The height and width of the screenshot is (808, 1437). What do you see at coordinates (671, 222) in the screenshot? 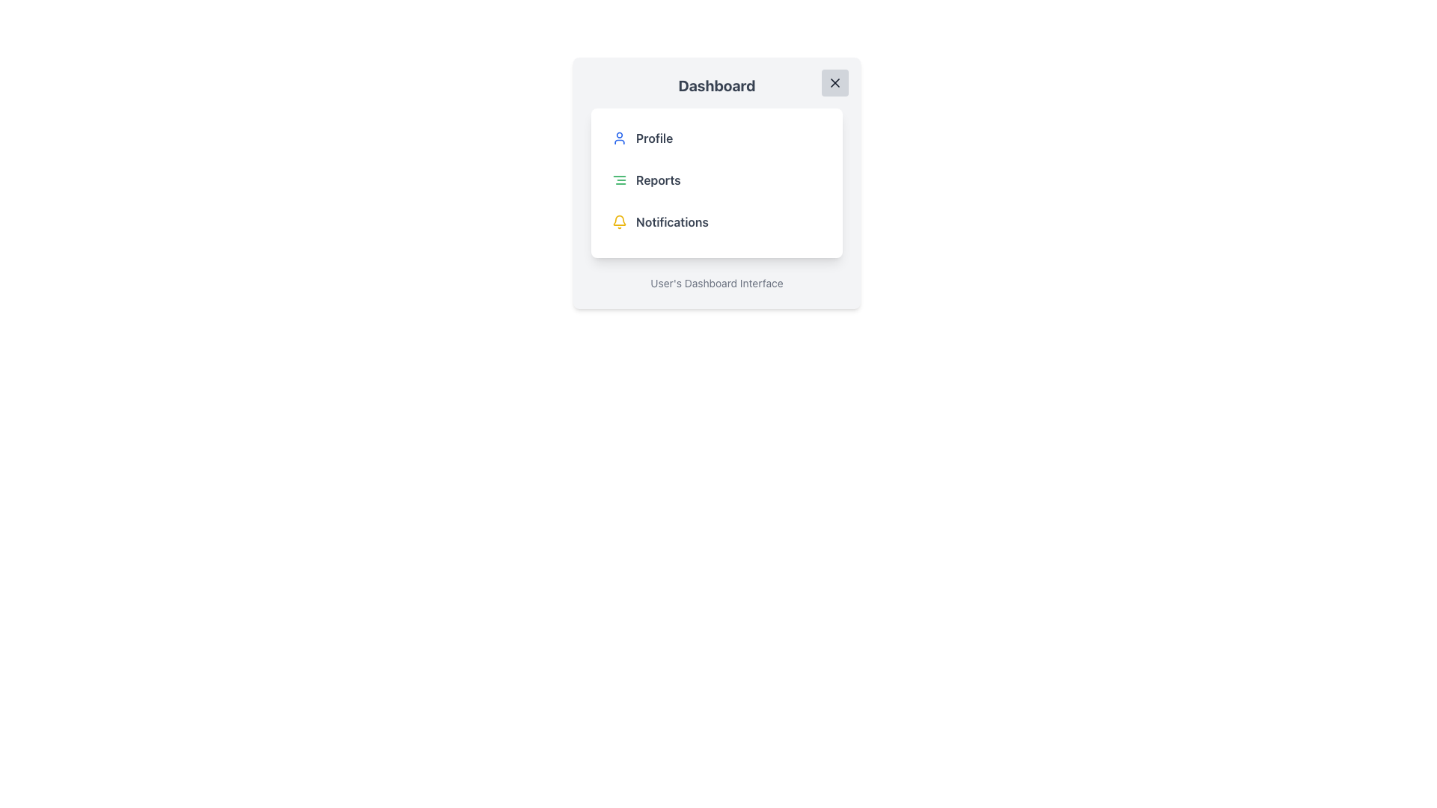
I see `text displayed on the 'Notifications' label, which is styled in bold gray font and positioned as the third item in a vertical list` at bounding box center [671, 222].